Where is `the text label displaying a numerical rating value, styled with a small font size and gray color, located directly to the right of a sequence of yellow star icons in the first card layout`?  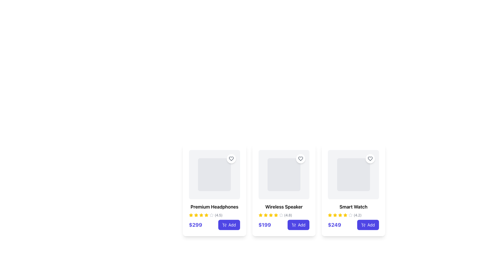 the text label displaying a numerical rating value, styled with a small font size and gray color, located directly to the right of a sequence of yellow star icons in the first card layout is located at coordinates (219, 215).